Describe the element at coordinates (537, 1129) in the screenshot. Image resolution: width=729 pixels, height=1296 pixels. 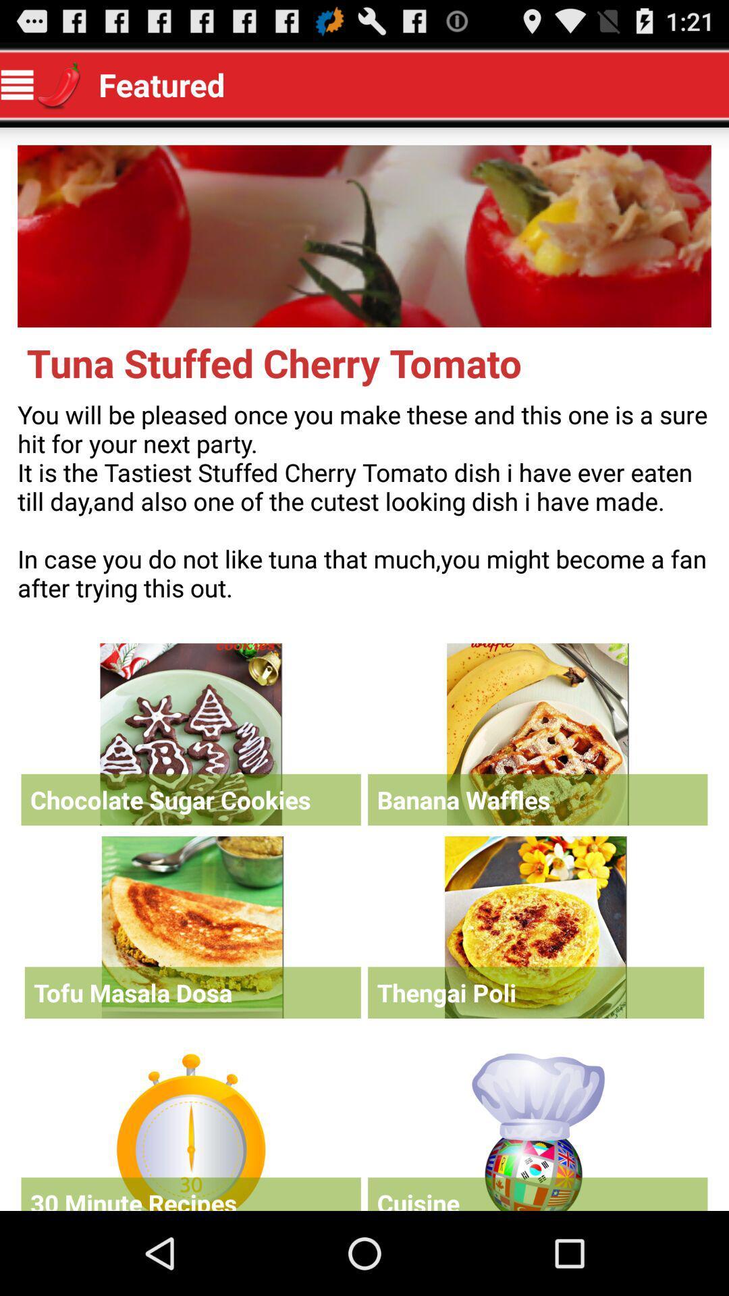
I see `recipe category` at that location.